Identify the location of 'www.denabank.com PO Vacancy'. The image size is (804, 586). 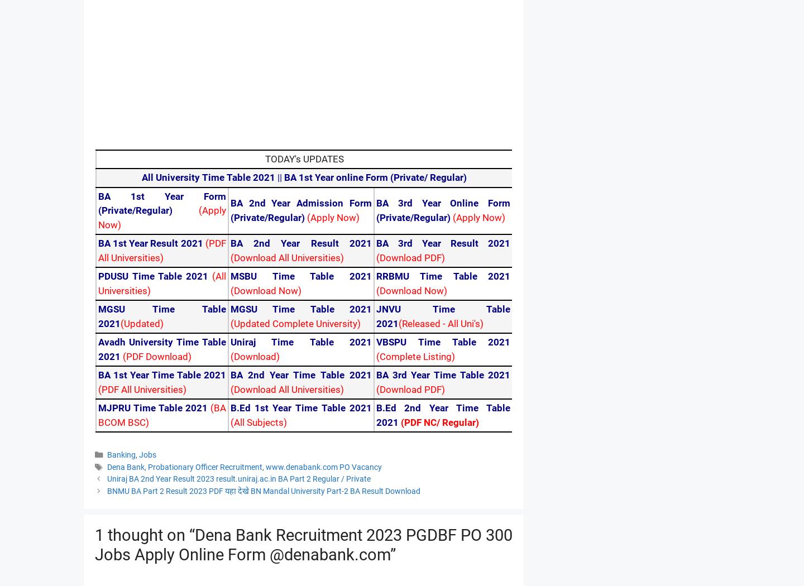
(323, 467).